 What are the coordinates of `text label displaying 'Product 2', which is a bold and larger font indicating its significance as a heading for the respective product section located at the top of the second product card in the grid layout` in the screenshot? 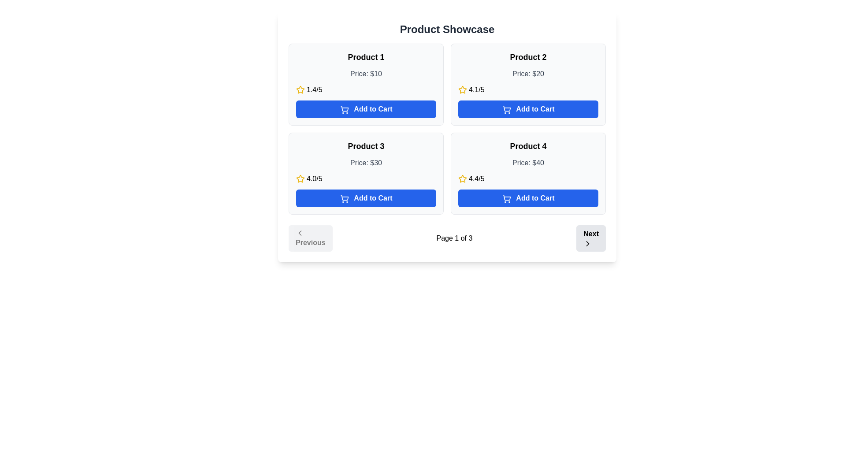 It's located at (528, 57).